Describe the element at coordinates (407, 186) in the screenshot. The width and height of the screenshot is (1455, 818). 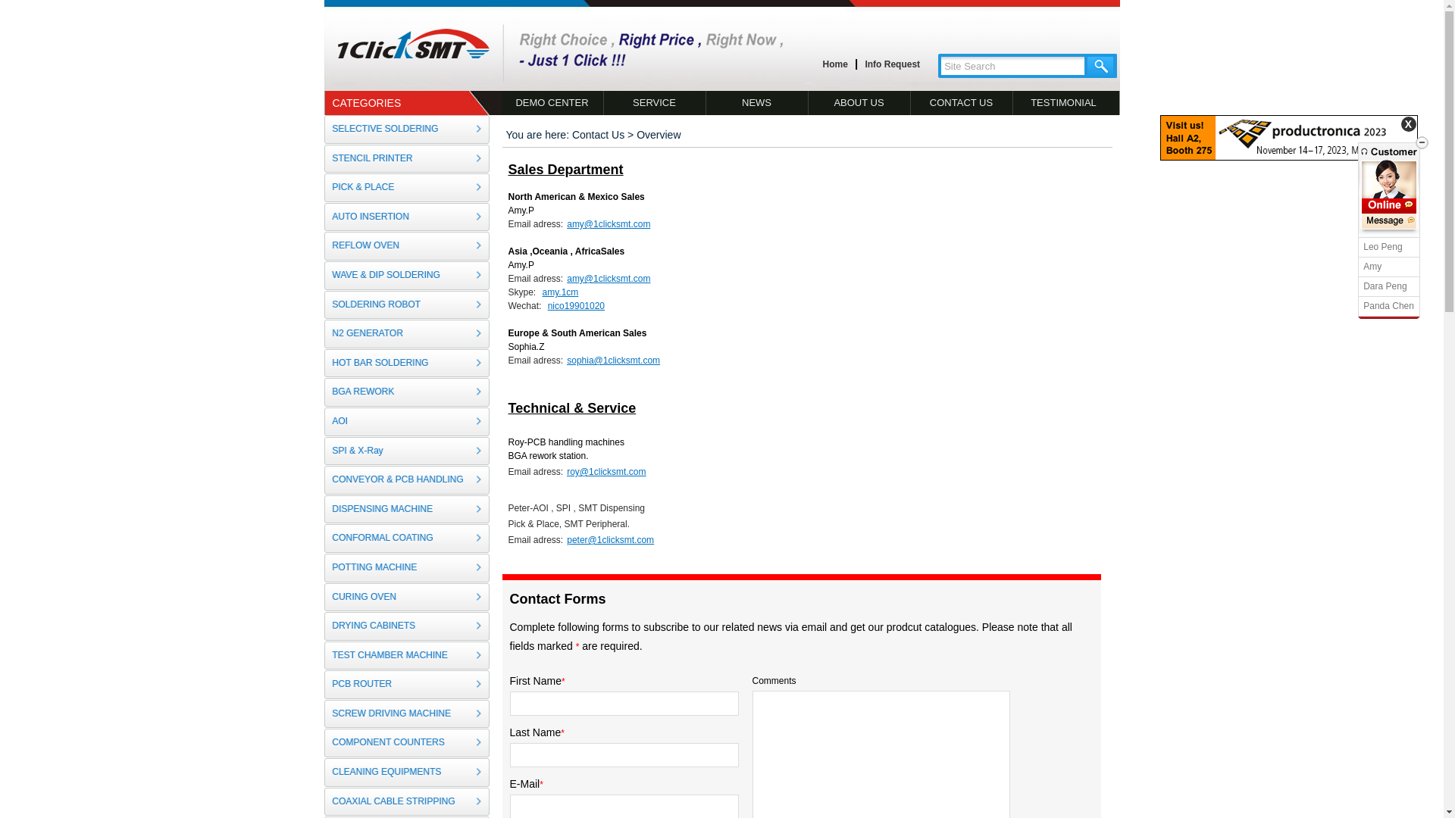
I see `'PICK & PLACE'` at that location.